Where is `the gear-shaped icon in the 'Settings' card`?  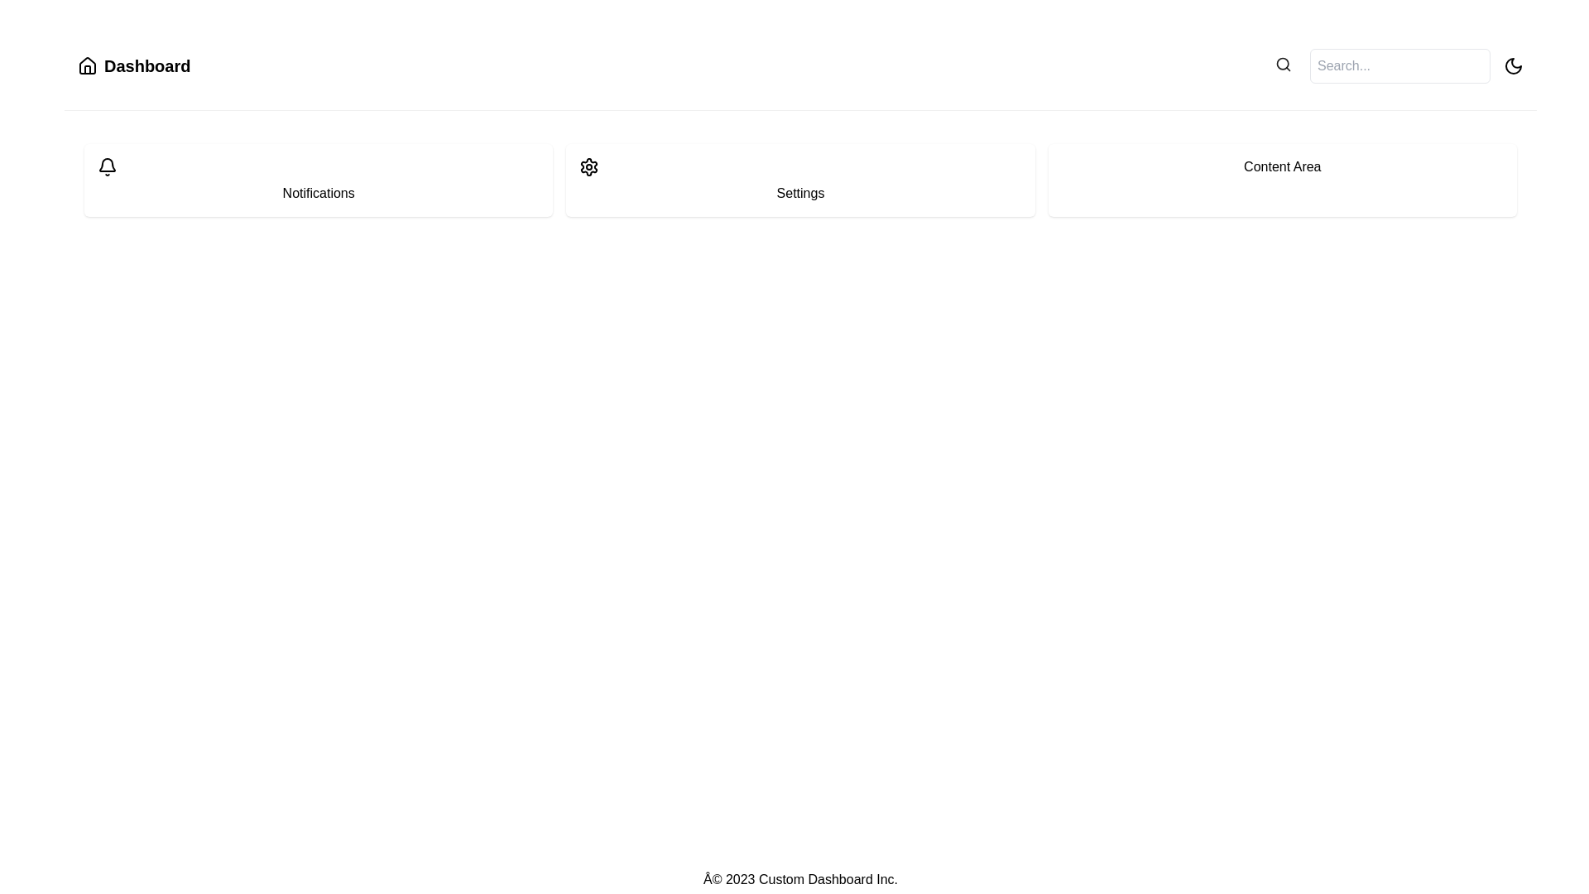
the gear-shaped icon in the 'Settings' card is located at coordinates (589, 166).